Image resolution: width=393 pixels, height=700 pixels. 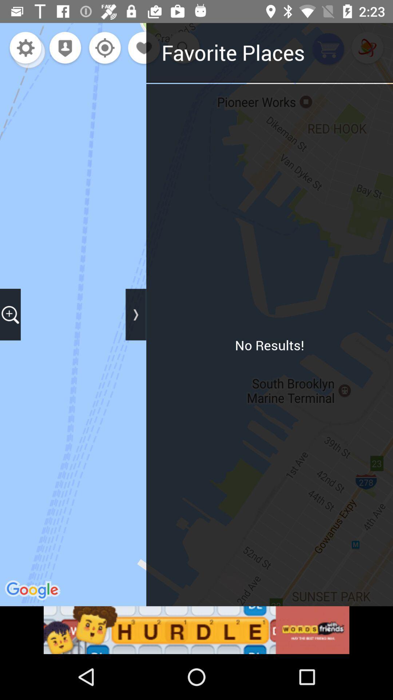 What do you see at coordinates (144, 48) in the screenshot?
I see `the favorite icon` at bounding box center [144, 48].